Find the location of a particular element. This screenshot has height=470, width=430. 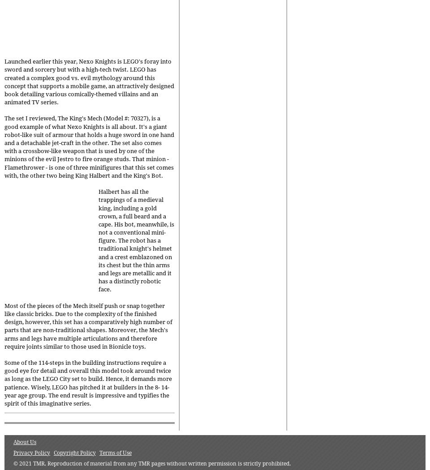

'Copyright Policy' is located at coordinates (74, 453).